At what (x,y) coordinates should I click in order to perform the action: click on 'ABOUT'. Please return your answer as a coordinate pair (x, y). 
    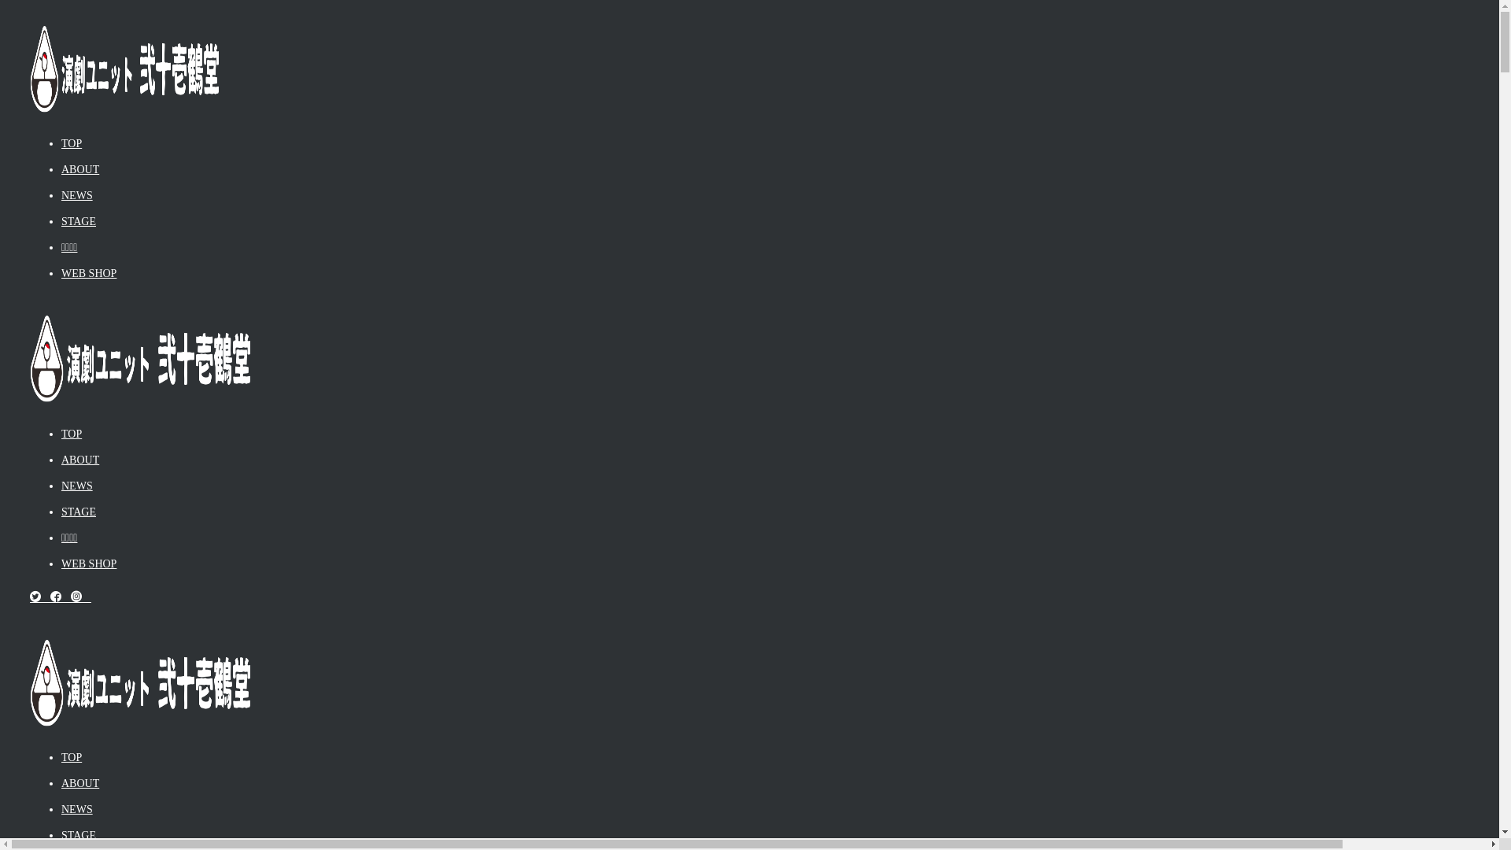
    Looking at the image, I should click on (79, 783).